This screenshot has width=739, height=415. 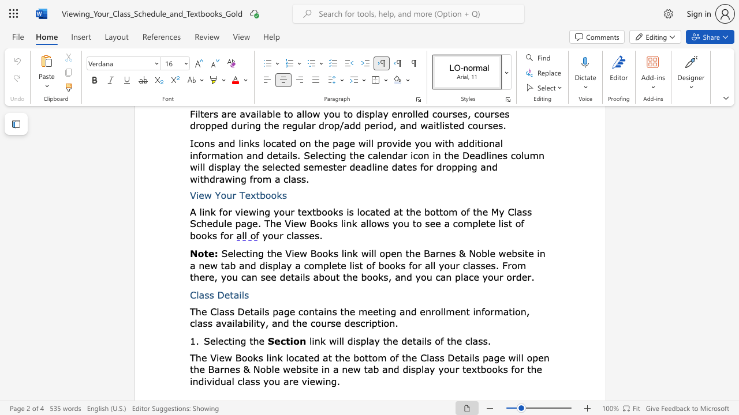 I want to click on the subset text "lecti" within the text "Selecting the", so click(x=215, y=340).